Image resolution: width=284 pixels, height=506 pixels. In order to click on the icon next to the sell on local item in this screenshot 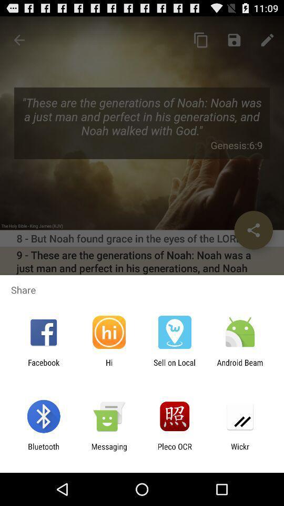, I will do `click(240, 367)`.